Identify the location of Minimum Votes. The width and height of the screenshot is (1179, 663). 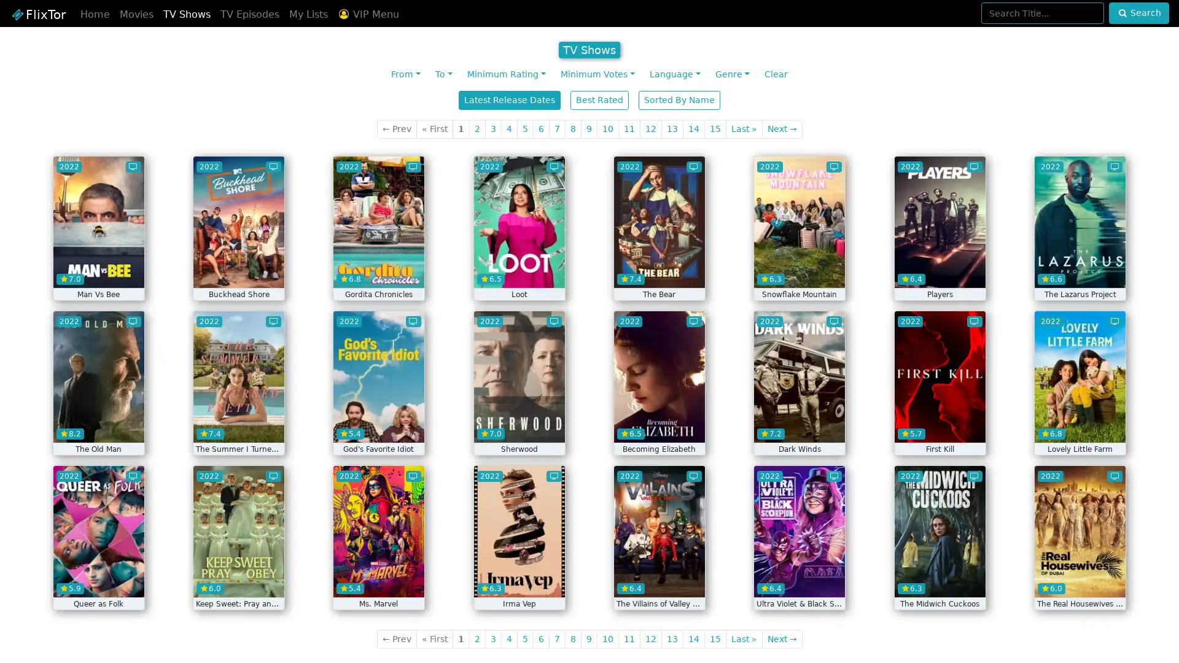
(597, 74).